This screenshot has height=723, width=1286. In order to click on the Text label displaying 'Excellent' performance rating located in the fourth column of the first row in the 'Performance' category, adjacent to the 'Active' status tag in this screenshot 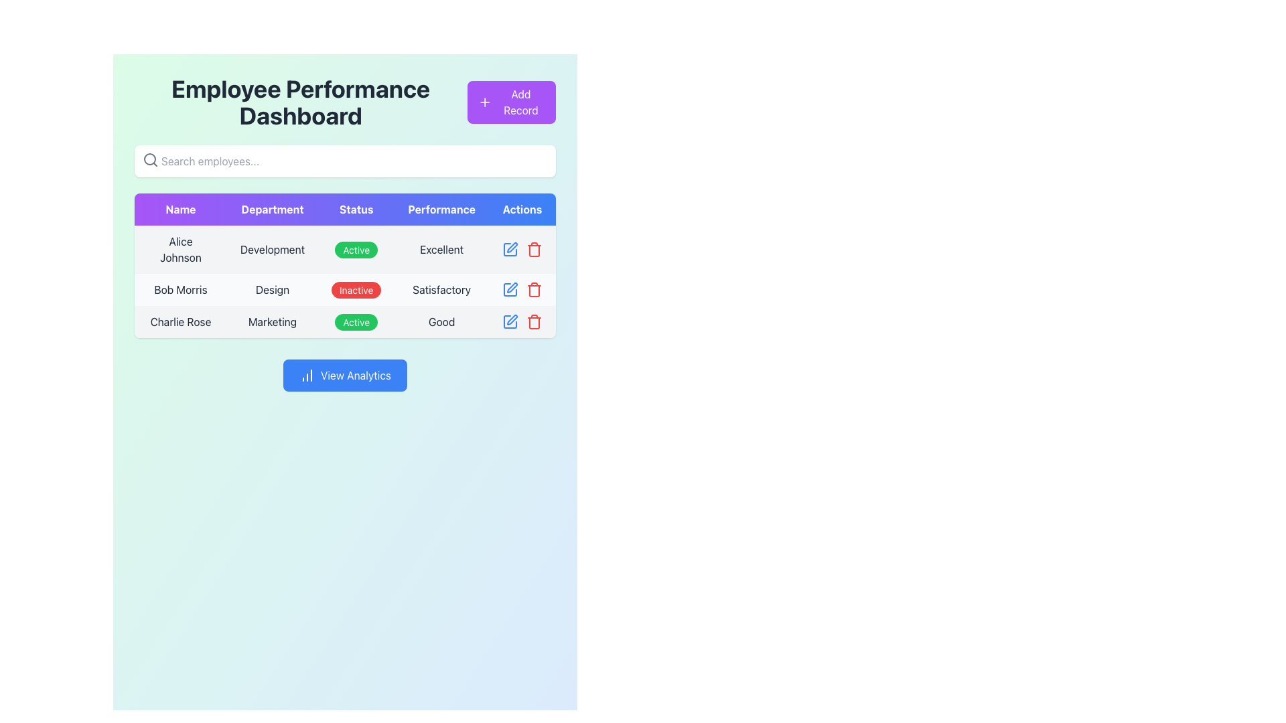, I will do `click(441, 250)`.